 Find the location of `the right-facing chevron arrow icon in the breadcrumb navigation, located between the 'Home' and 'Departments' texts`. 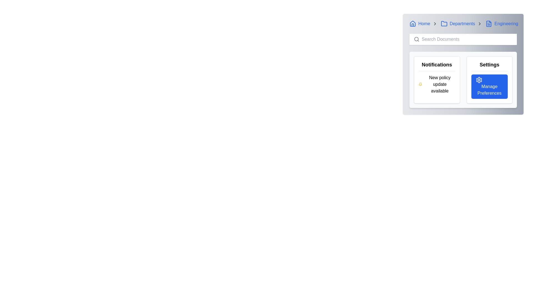

the right-facing chevron arrow icon in the breadcrumb navigation, located between the 'Home' and 'Departments' texts is located at coordinates (434, 23).